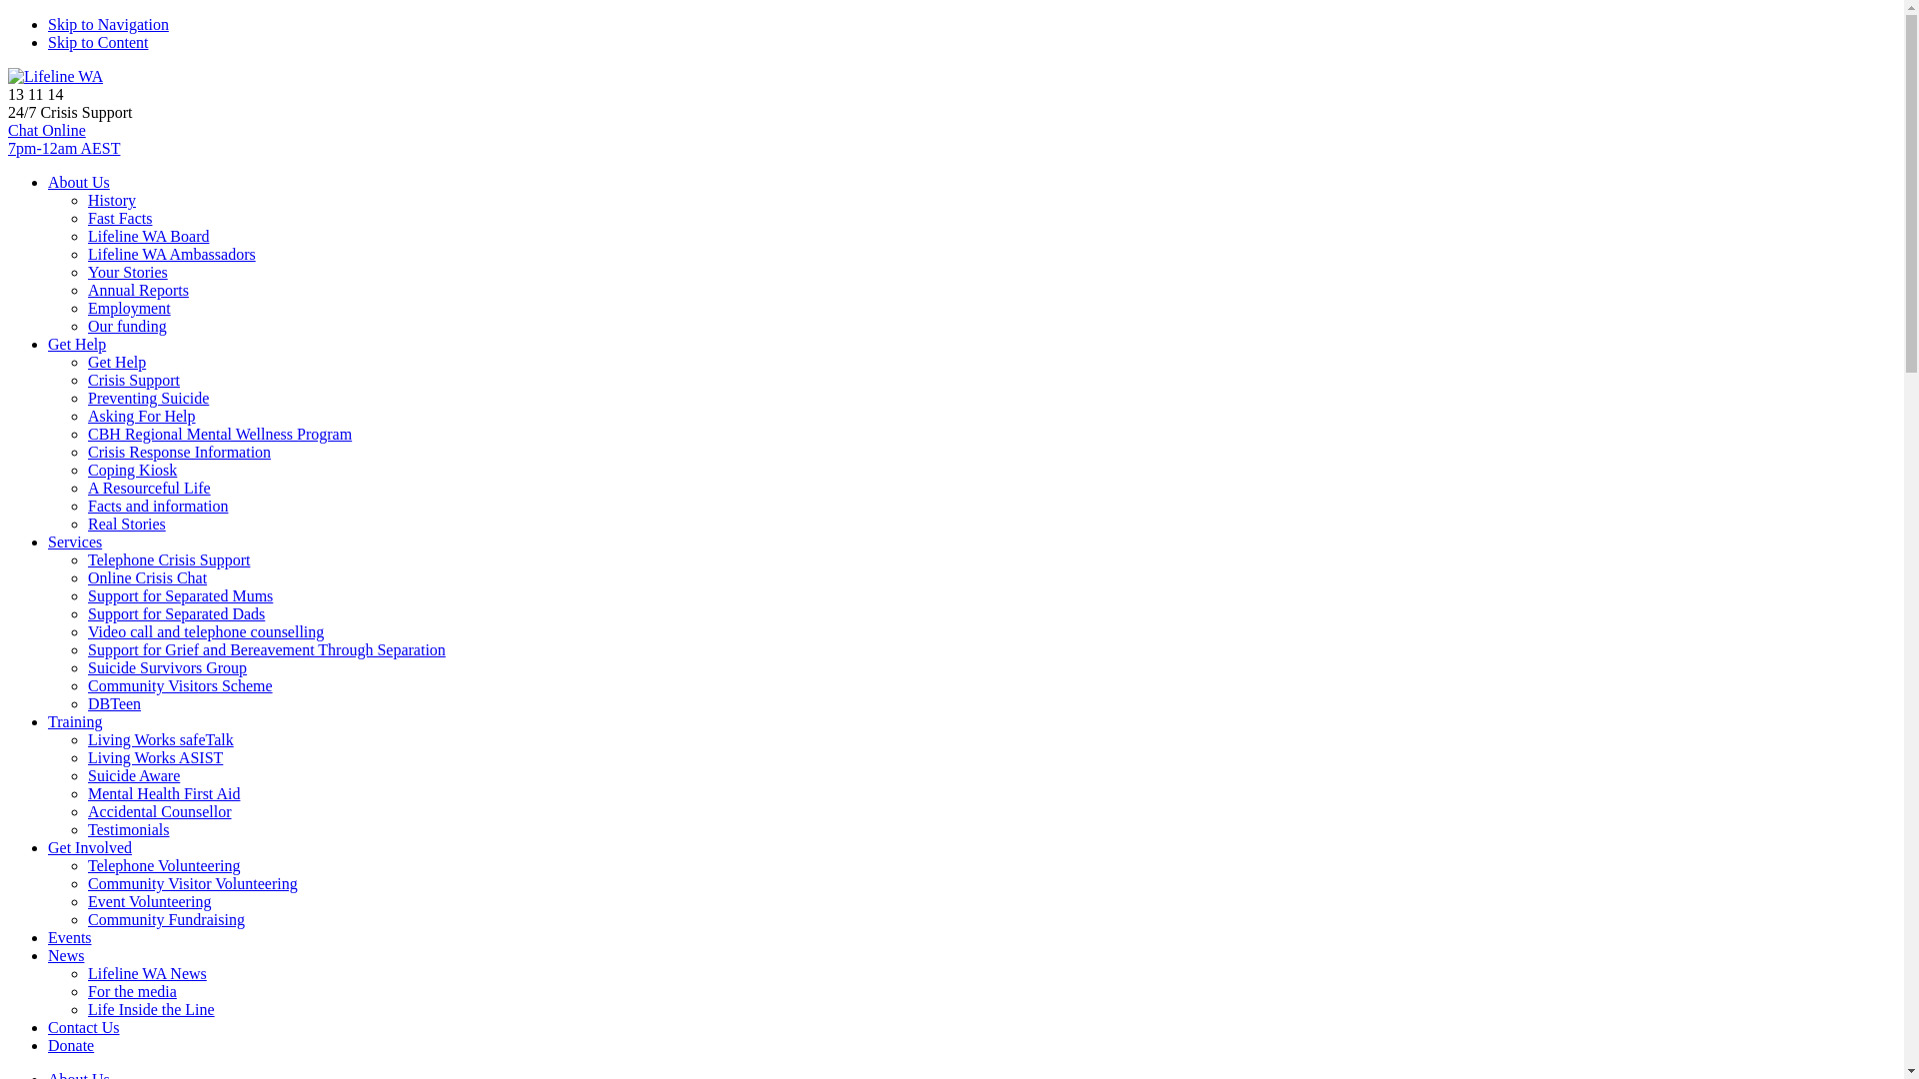  I want to click on 'Skip to Content', so click(48, 42).